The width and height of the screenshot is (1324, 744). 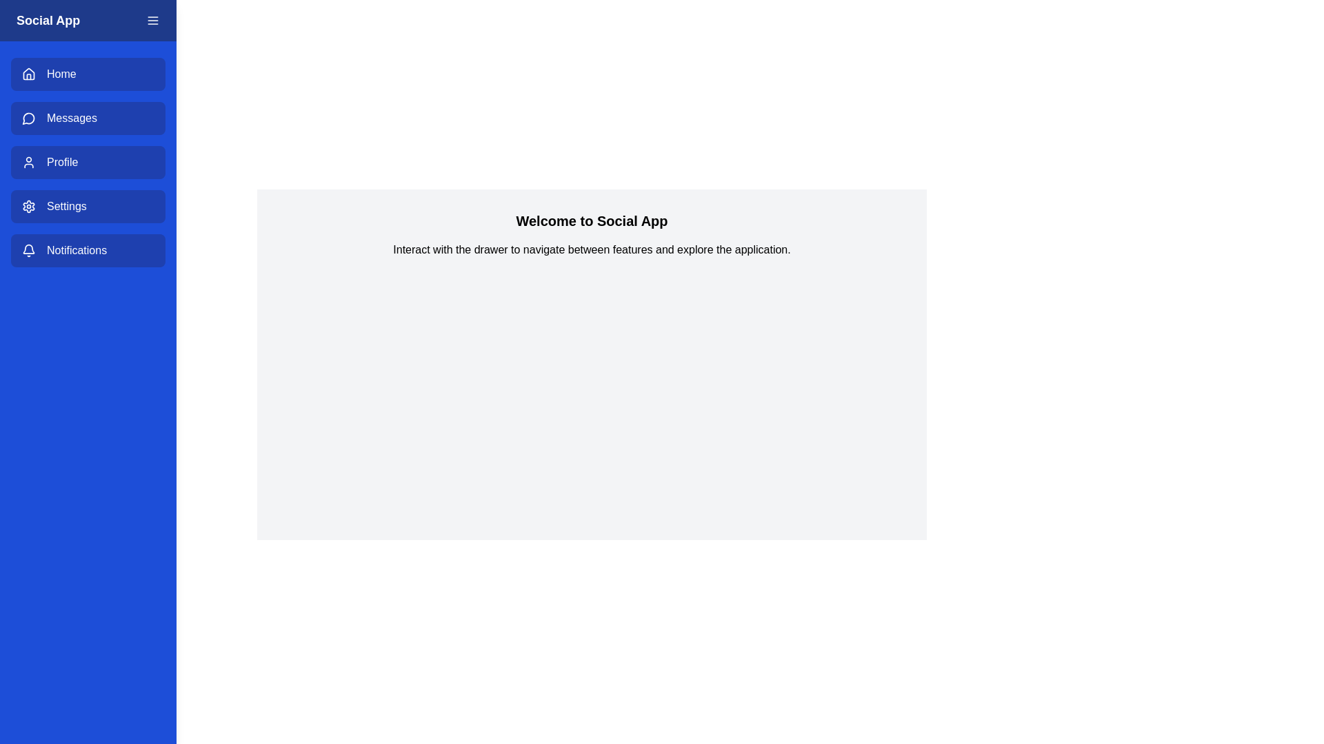 I want to click on the menu item Profile to highlight it, so click(x=88, y=161).